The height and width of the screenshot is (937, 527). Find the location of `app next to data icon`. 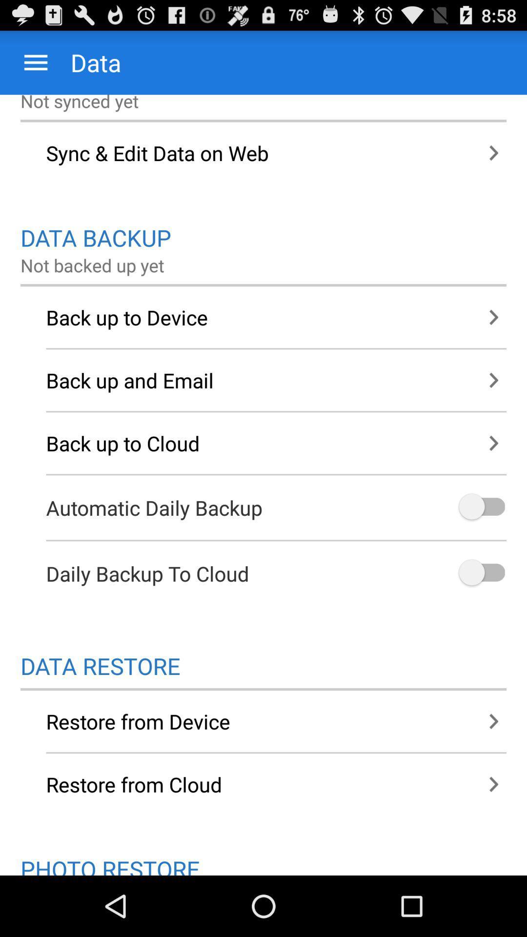

app next to data icon is located at coordinates (35, 62).